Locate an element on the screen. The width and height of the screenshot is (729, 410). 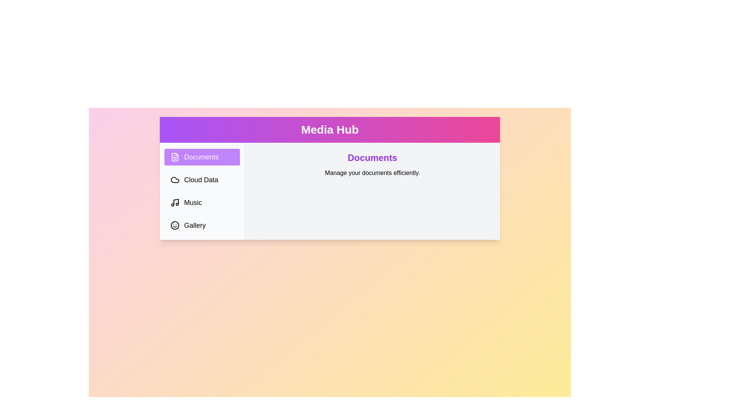
the tab labeled Documents from the sidebar is located at coordinates (202, 156).